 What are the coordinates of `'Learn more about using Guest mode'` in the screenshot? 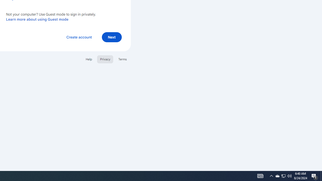 It's located at (37, 19).